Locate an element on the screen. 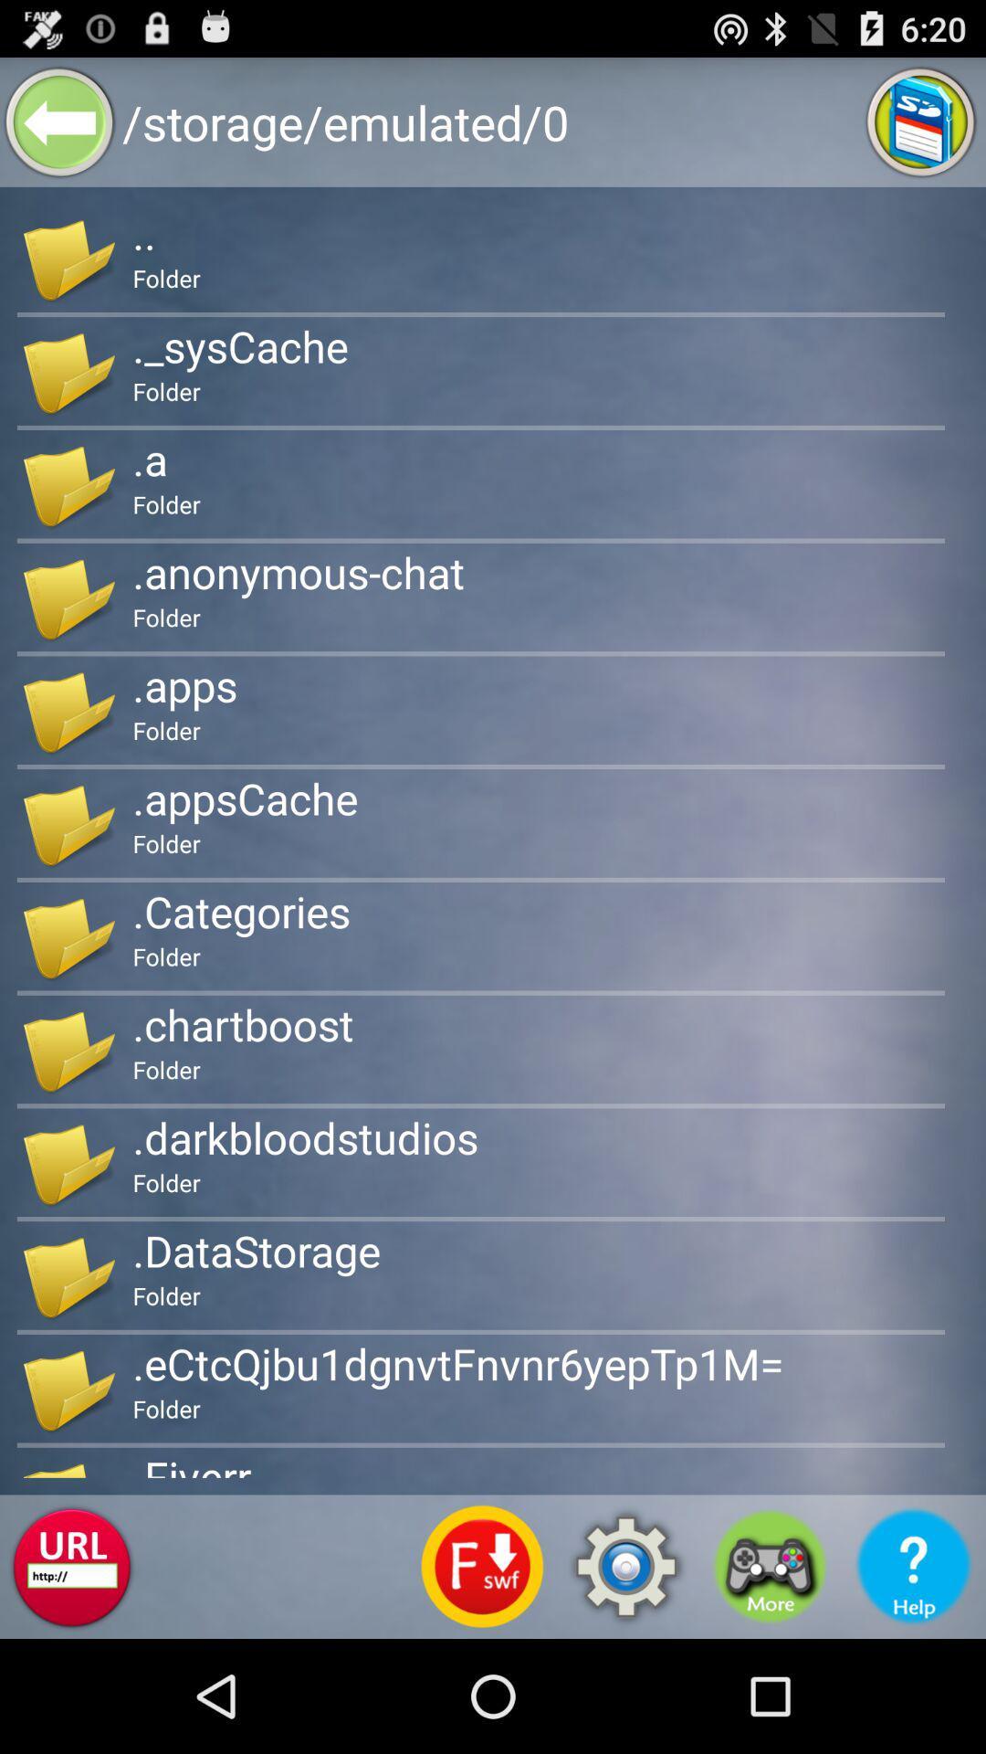  the item next to the /storage/emulated/0 is located at coordinates (921, 121).